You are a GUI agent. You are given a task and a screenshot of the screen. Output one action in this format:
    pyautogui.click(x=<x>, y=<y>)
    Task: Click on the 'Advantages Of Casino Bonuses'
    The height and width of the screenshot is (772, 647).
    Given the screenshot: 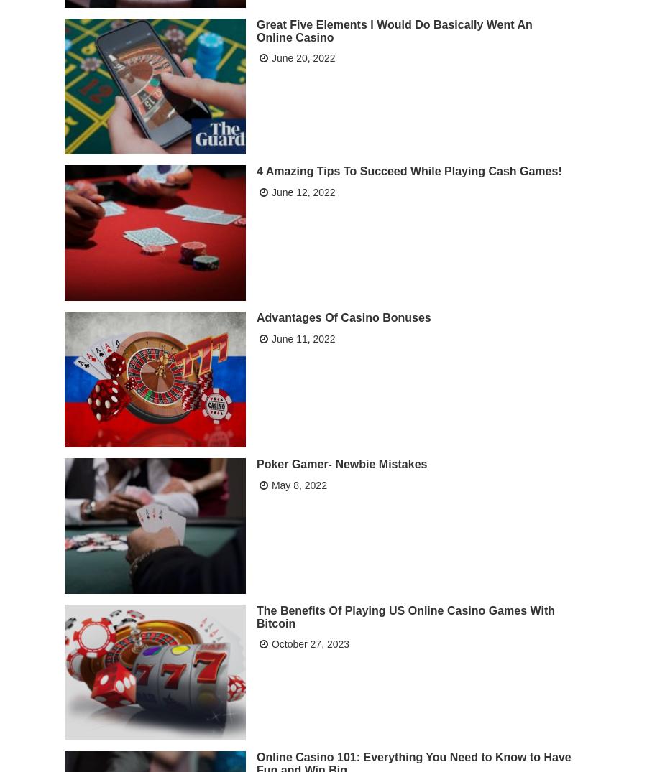 What is the action you would take?
    pyautogui.click(x=342, y=317)
    